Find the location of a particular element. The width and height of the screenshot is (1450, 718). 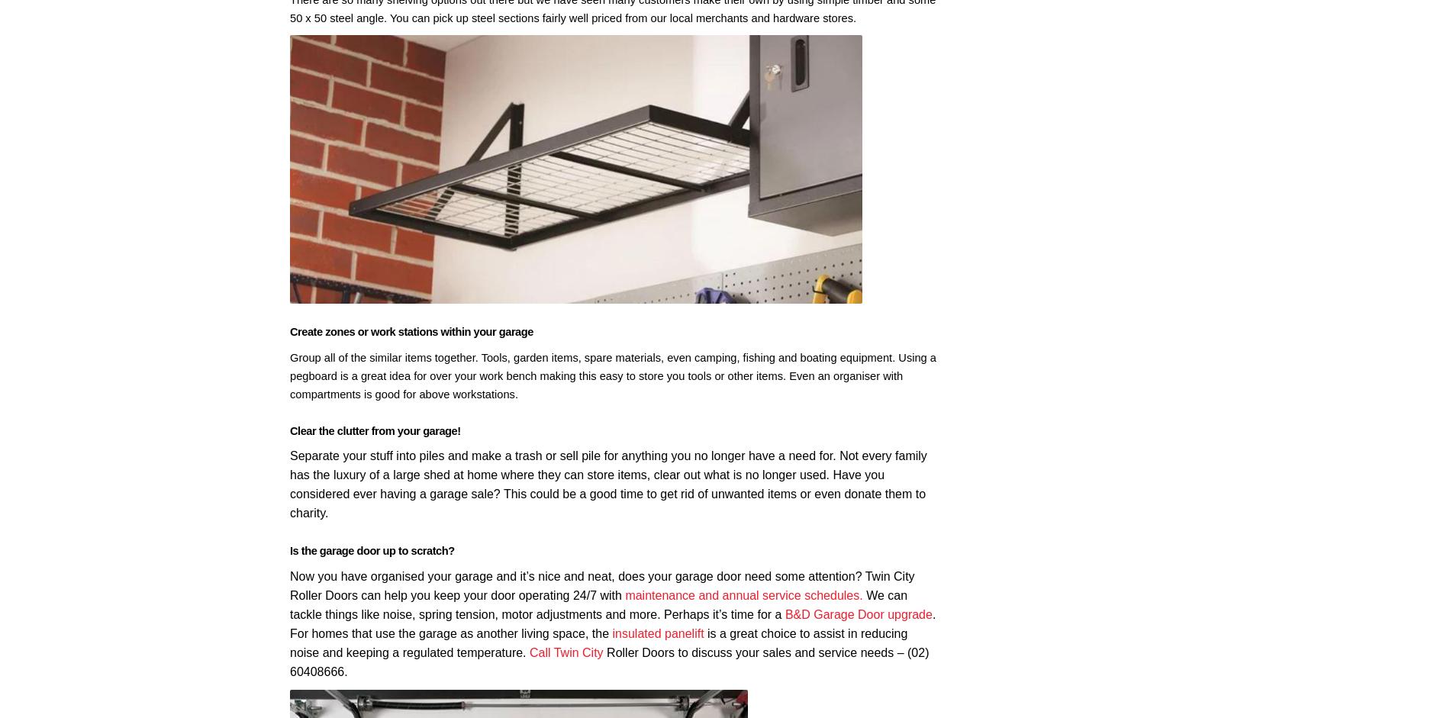

'Is the garage door up to scratch?' is located at coordinates (373, 551).